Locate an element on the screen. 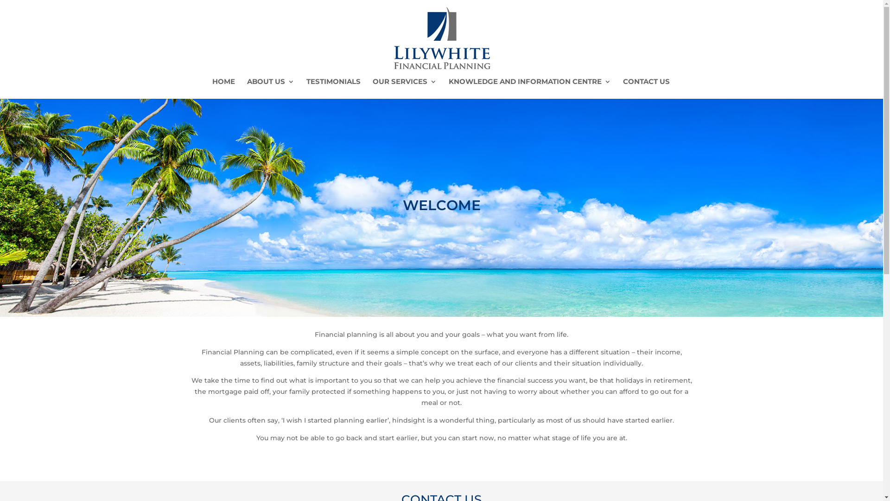 The width and height of the screenshot is (890, 501). 'OUR SERVICES' is located at coordinates (405, 89).